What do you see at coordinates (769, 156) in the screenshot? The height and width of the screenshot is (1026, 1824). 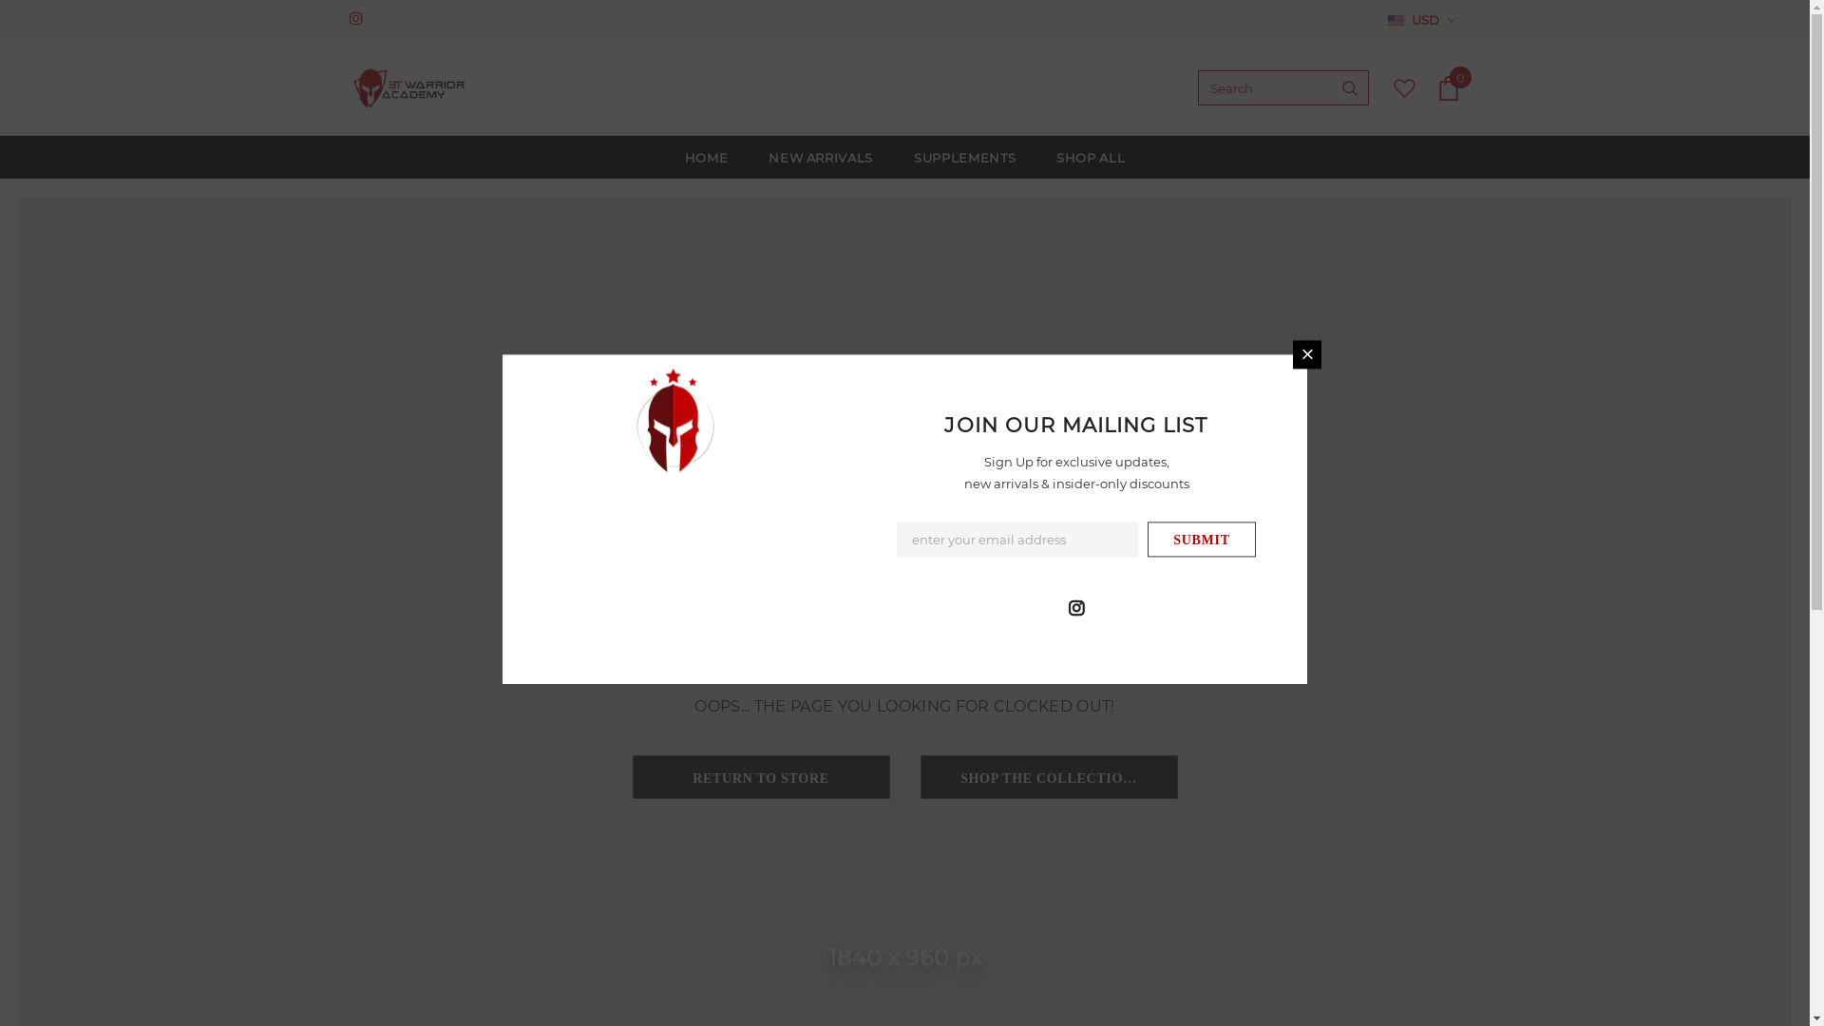 I see `'NEW ARRIVALS'` at bounding box center [769, 156].